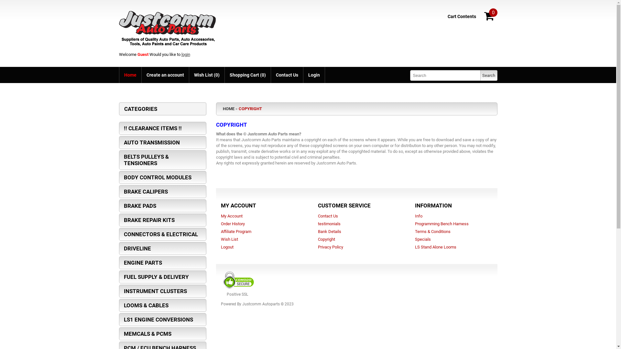 Image resolution: width=621 pixels, height=349 pixels. What do you see at coordinates (250, 108) in the screenshot?
I see `'COPYRIGHT'` at bounding box center [250, 108].